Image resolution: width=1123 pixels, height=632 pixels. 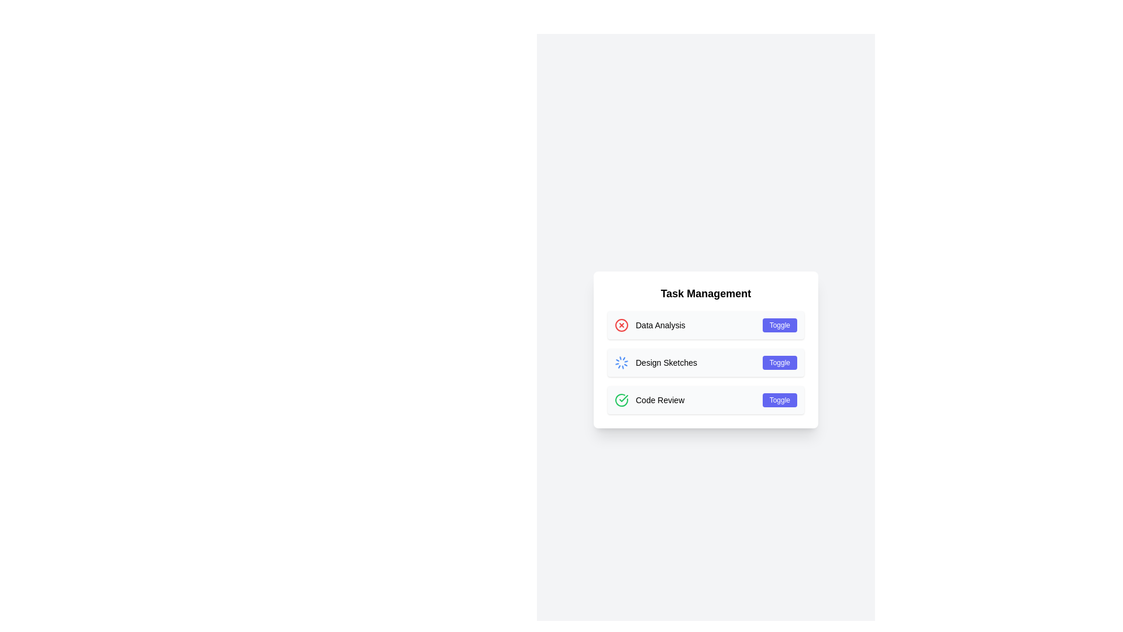 I want to click on the 'Code Review' section, which includes a toggle button, so click(x=705, y=399).